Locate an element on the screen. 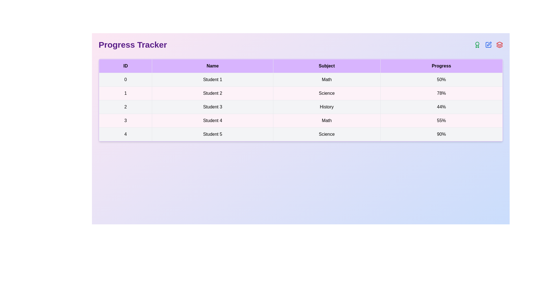 The width and height of the screenshot is (535, 301). the row corresponding to the student with ID 3 is located at coordinates (300, 120).